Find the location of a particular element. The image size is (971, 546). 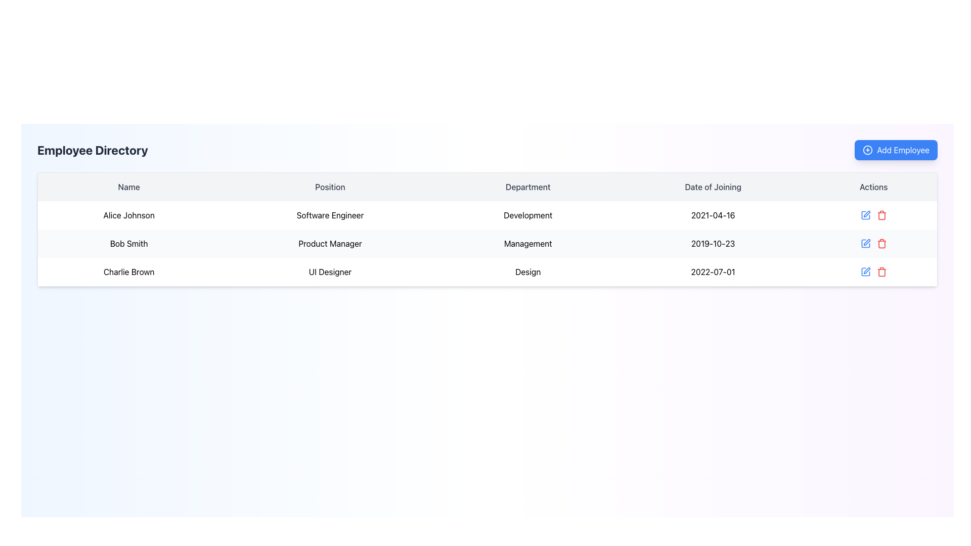

the 'Department' text label located in the third column of the table header, between 'Position' and 'Date of Joining' is located at coordinates (527, 187).